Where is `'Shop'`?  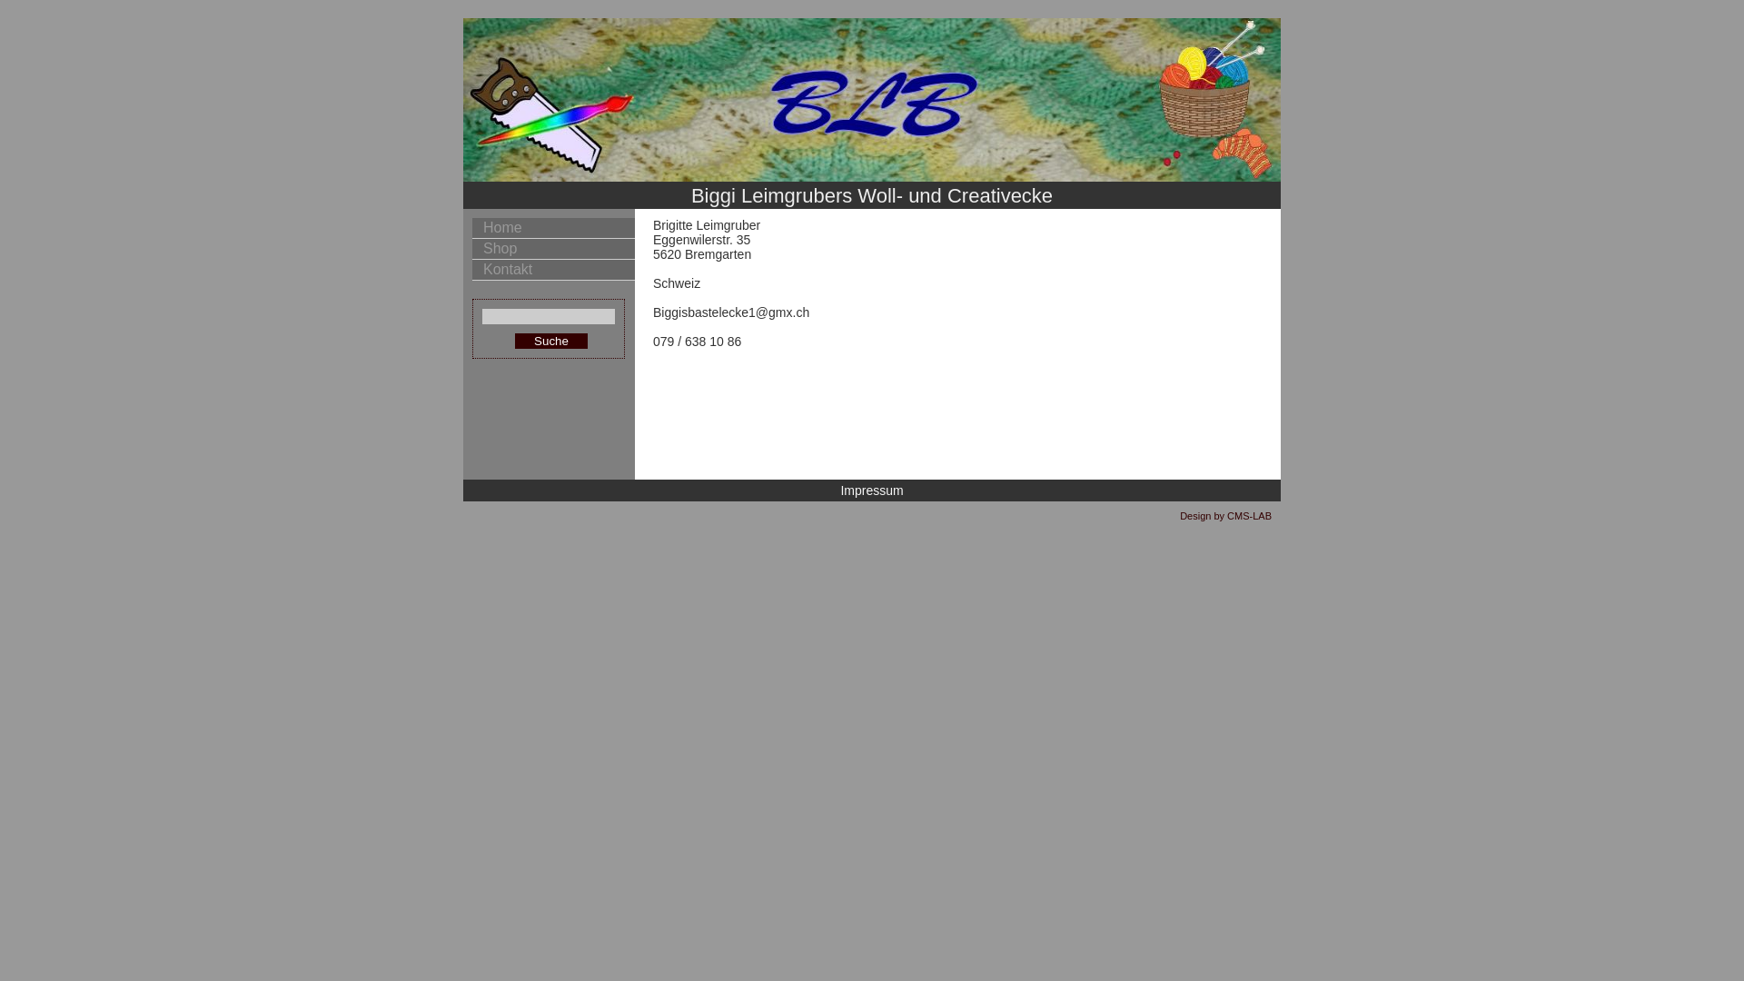
'Shop' is located at coordinates (552, 249).